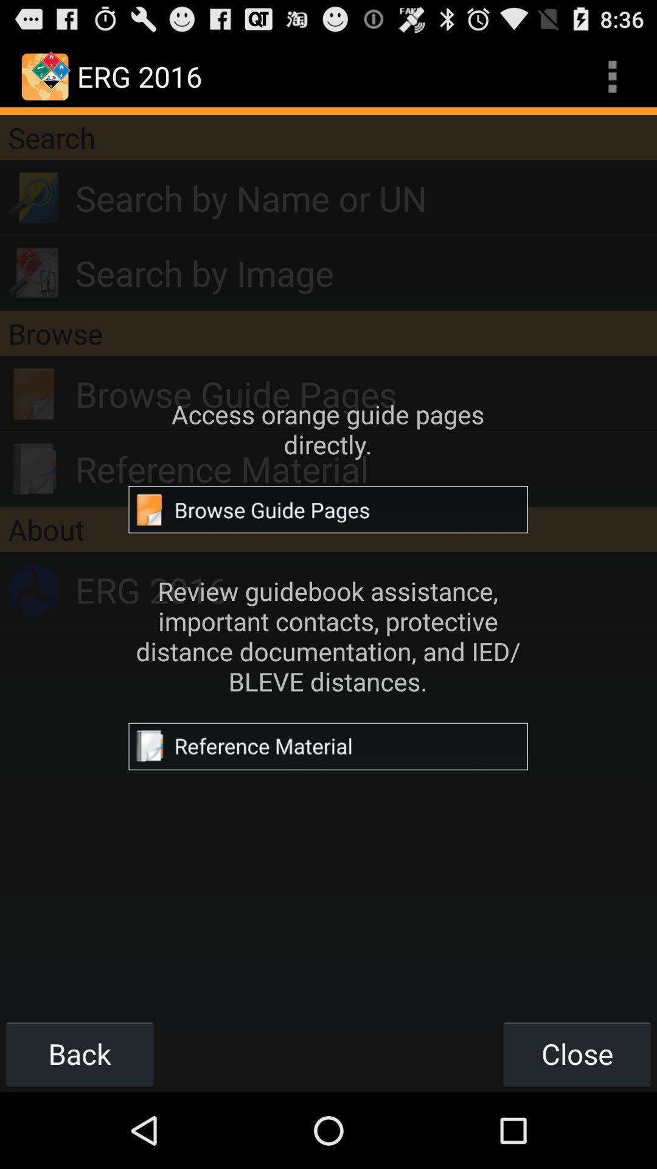 This screenshot has height=1169, width=657. What do you see at coordinates (365, 468) in the screenshot?
I see `the reference material app` at bounding box center [365, 468].